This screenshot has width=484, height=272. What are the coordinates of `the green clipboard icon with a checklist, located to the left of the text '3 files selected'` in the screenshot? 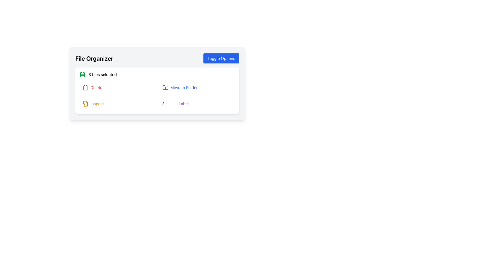 It's located at (82, 75).